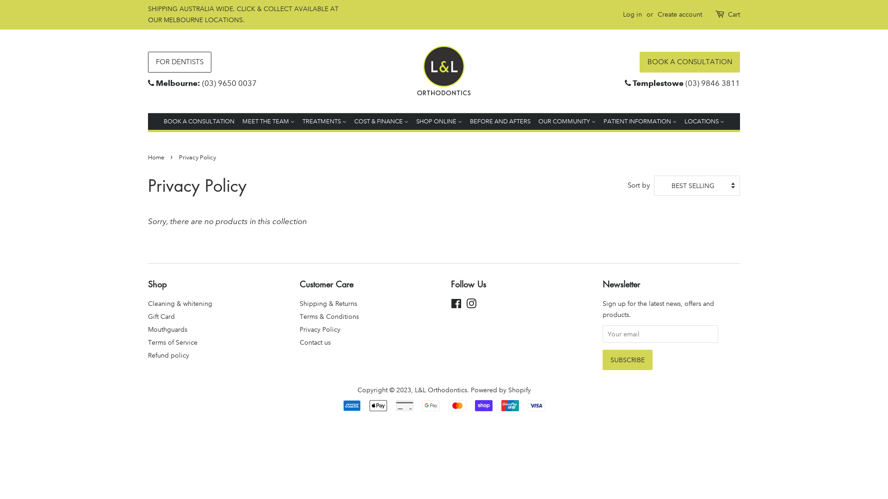 The width and height of the screenshot is (888, 499). Describe the element at coordinates (639, 121) in the screenshot. I see `'PATIENT INFORMATION'` at that location.